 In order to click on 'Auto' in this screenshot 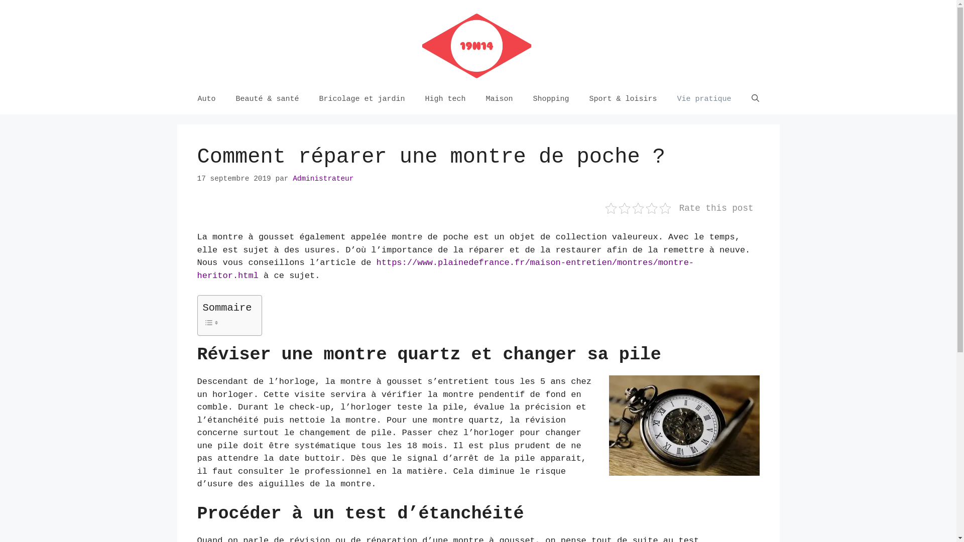, I will do `click(206, 99)`.